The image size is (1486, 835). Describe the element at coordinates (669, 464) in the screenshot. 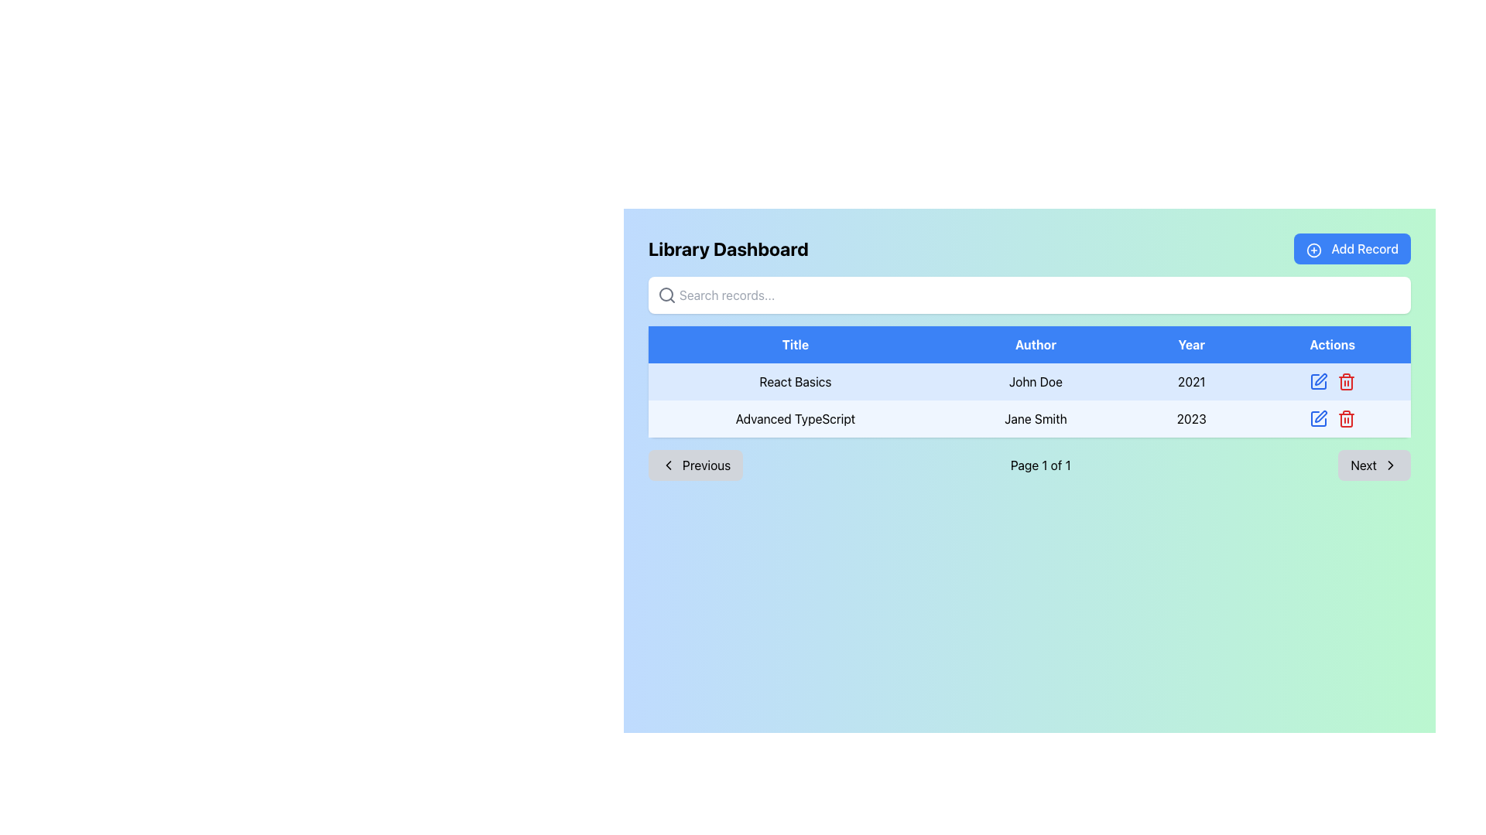

I see `the left-facing chevron icon within the 'Previous' button` at that location.